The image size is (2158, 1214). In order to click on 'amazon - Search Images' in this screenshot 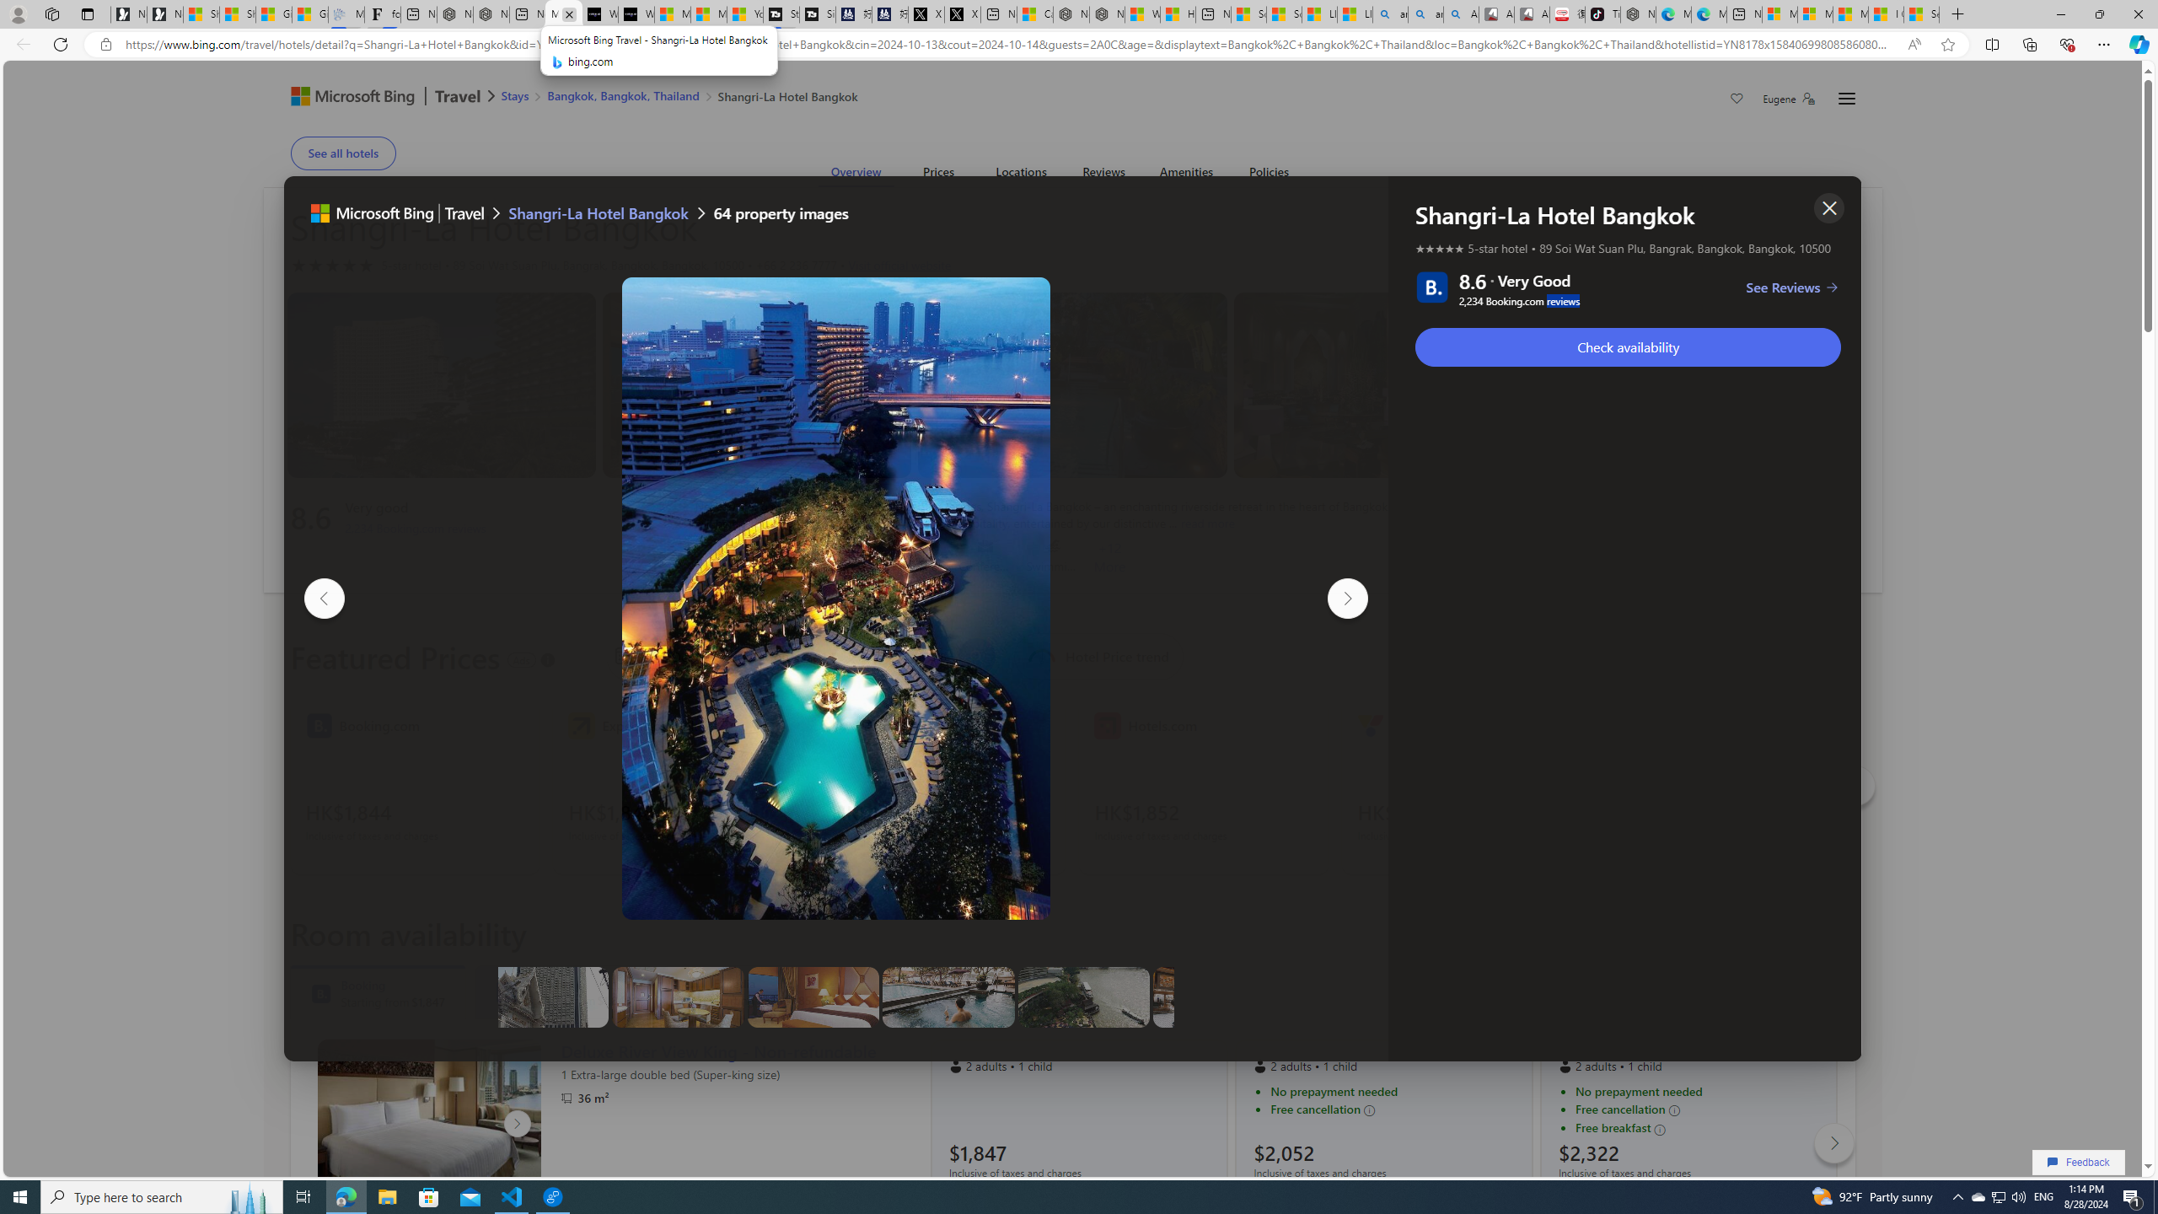, I will do `click(1424, 13)`.